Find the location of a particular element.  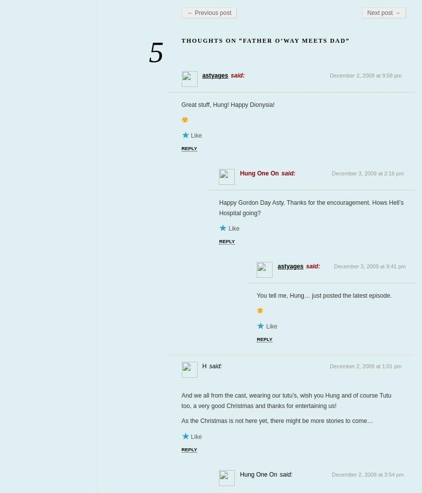

'← Previous post' is located at coordinates (209, 11).